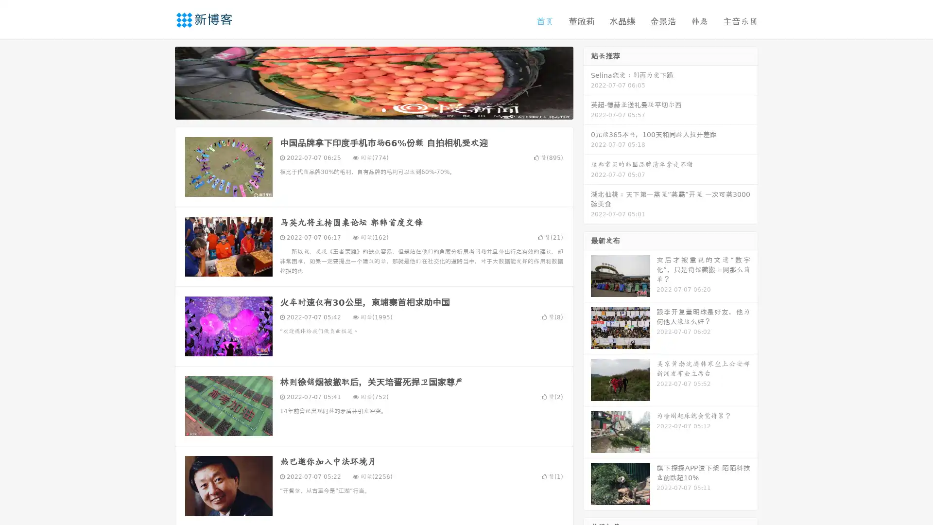  What do you see at coordinates (160, 82) in the screenshot?
I see `Previous slide` at bounding box center [160, 82].